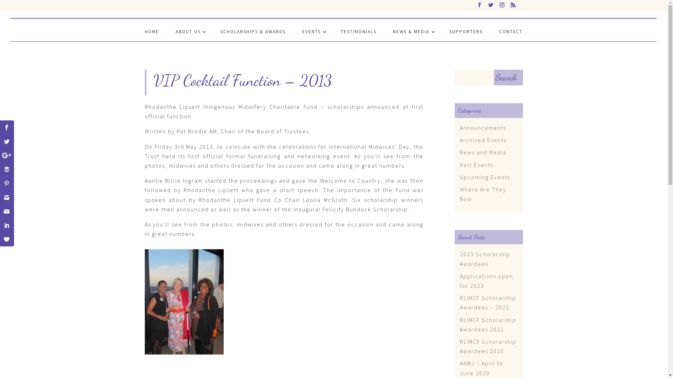  Describe the element at coordinates (476, 164) in the screenshot. I see `'Past Events'` at that location.